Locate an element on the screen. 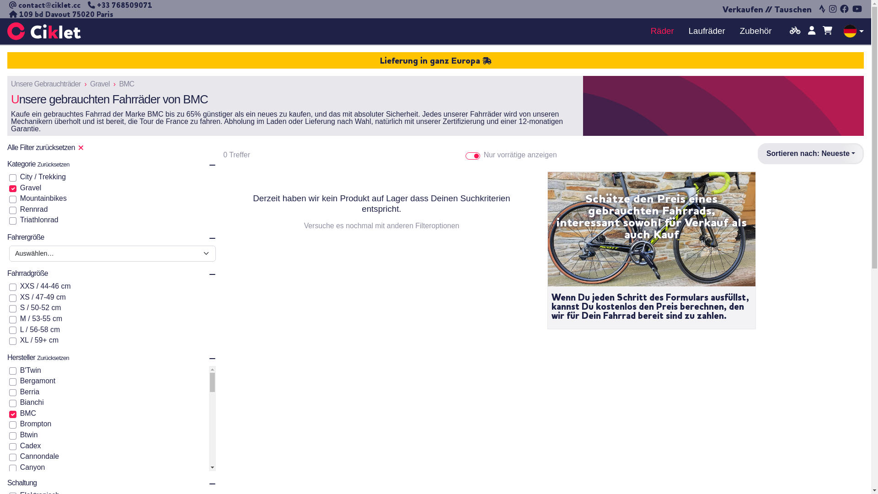 This screenshot has height=494, width=878. 'Facebook' is located at coordinates (844, 10).